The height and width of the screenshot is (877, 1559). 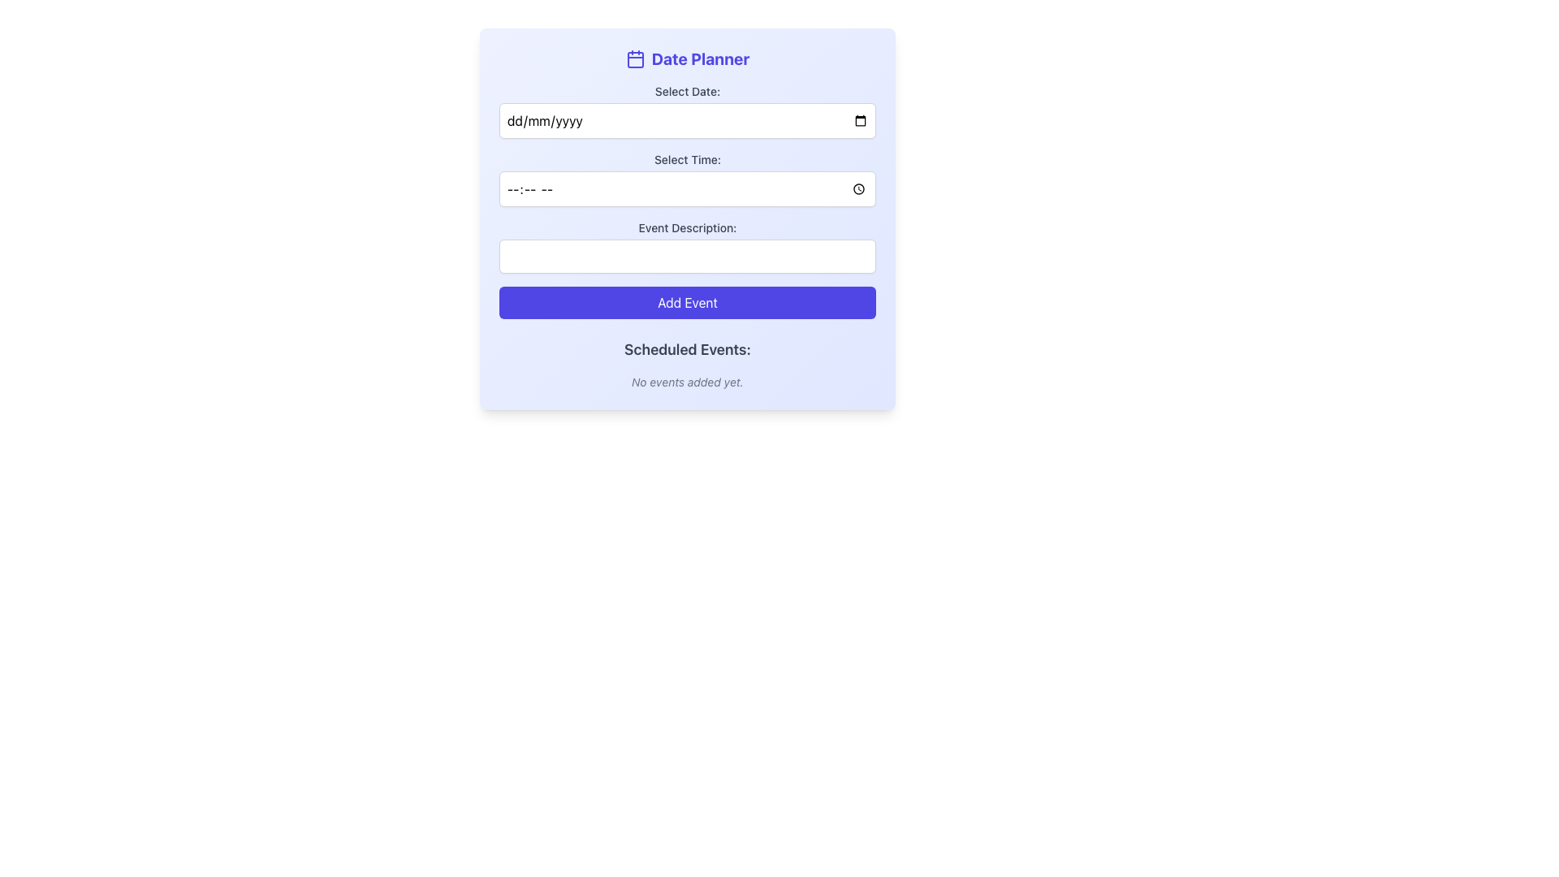 What do you see at coordinates (687, 91) in the screenshot?
I see `the text label reading 'Select Date:' which is styled in gray and located at the top of the form section above the date input field` at bounding box center [687, 91].